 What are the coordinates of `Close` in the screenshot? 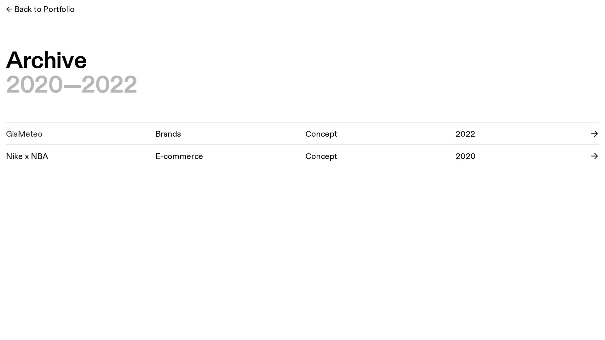 It's located at (593, 12).